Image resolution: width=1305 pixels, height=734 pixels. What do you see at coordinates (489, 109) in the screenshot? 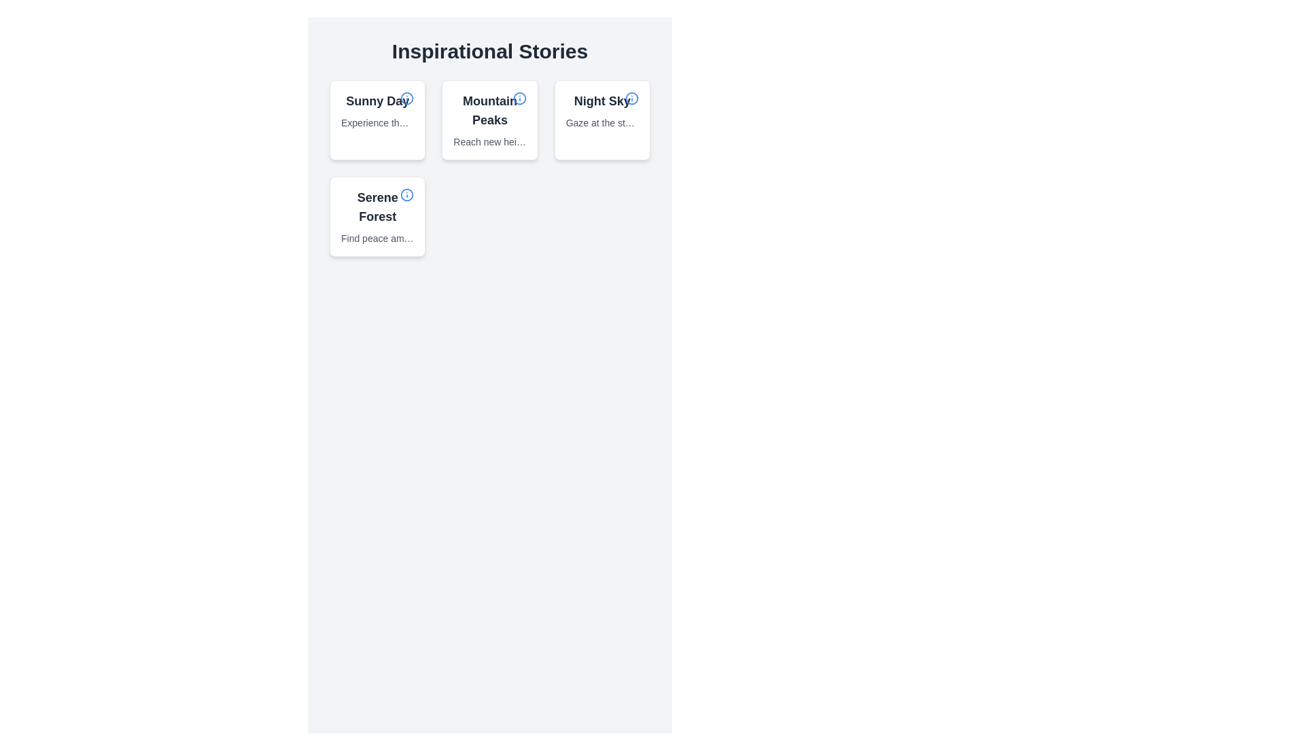
I see `the text label or heading that serves as the title for the associated content in the second card of the grid under 'Inspirational Stories'` at bounding box center [489, 109].